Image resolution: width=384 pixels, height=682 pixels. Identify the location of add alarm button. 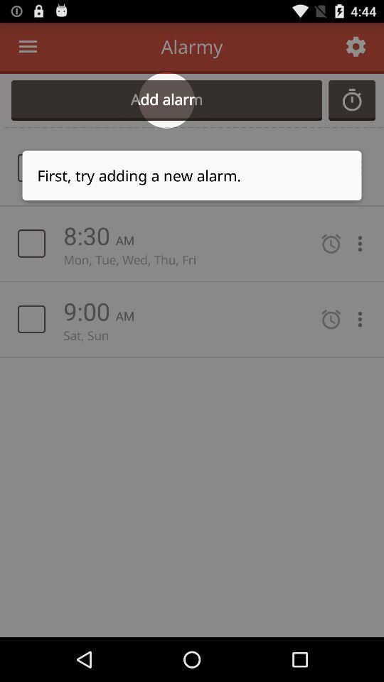
(166, 99).